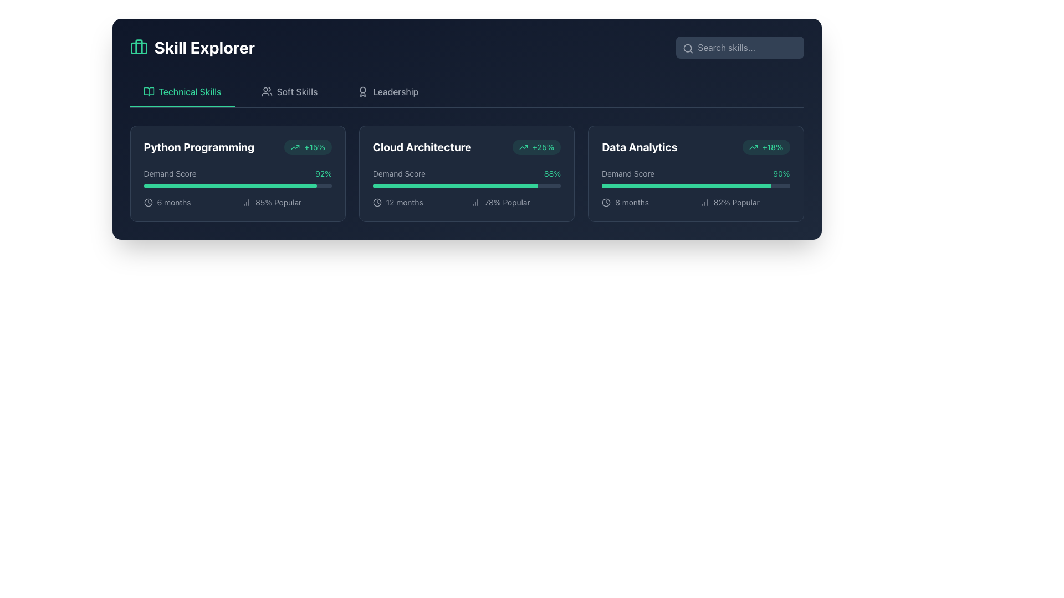 The image size is (1064, 598). What do you see at coordinates (396, 91) in the screenshot?
I see `the 'Leadership' text label in the header section` at bounding box center [396, 91].